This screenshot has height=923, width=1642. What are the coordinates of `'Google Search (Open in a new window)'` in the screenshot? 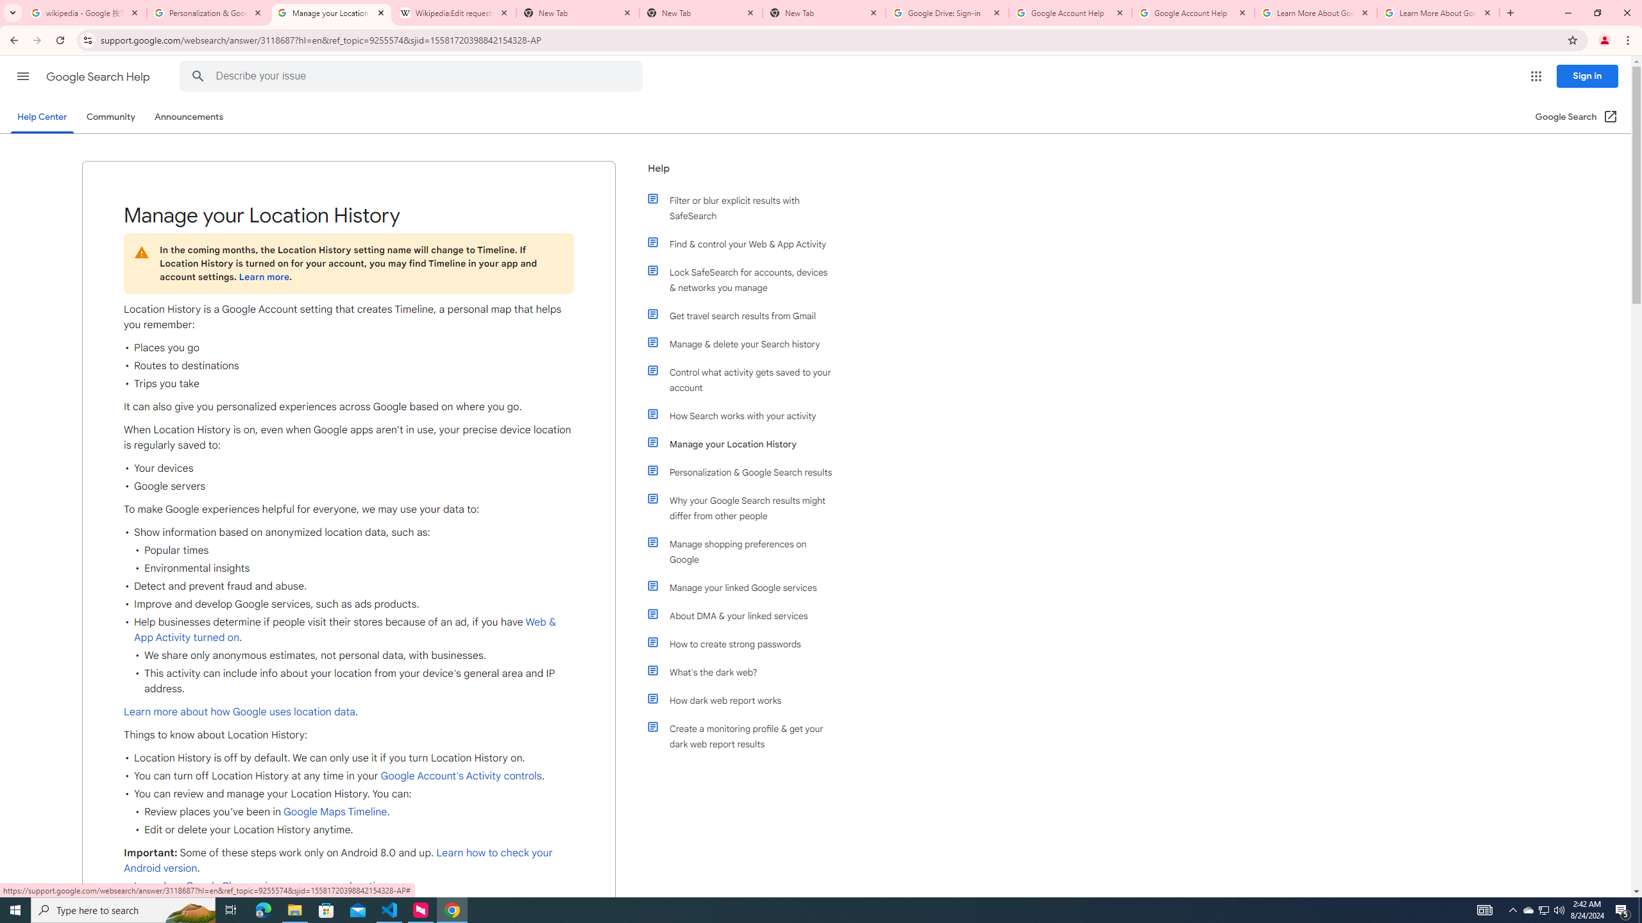 It's located at (1577, 116).